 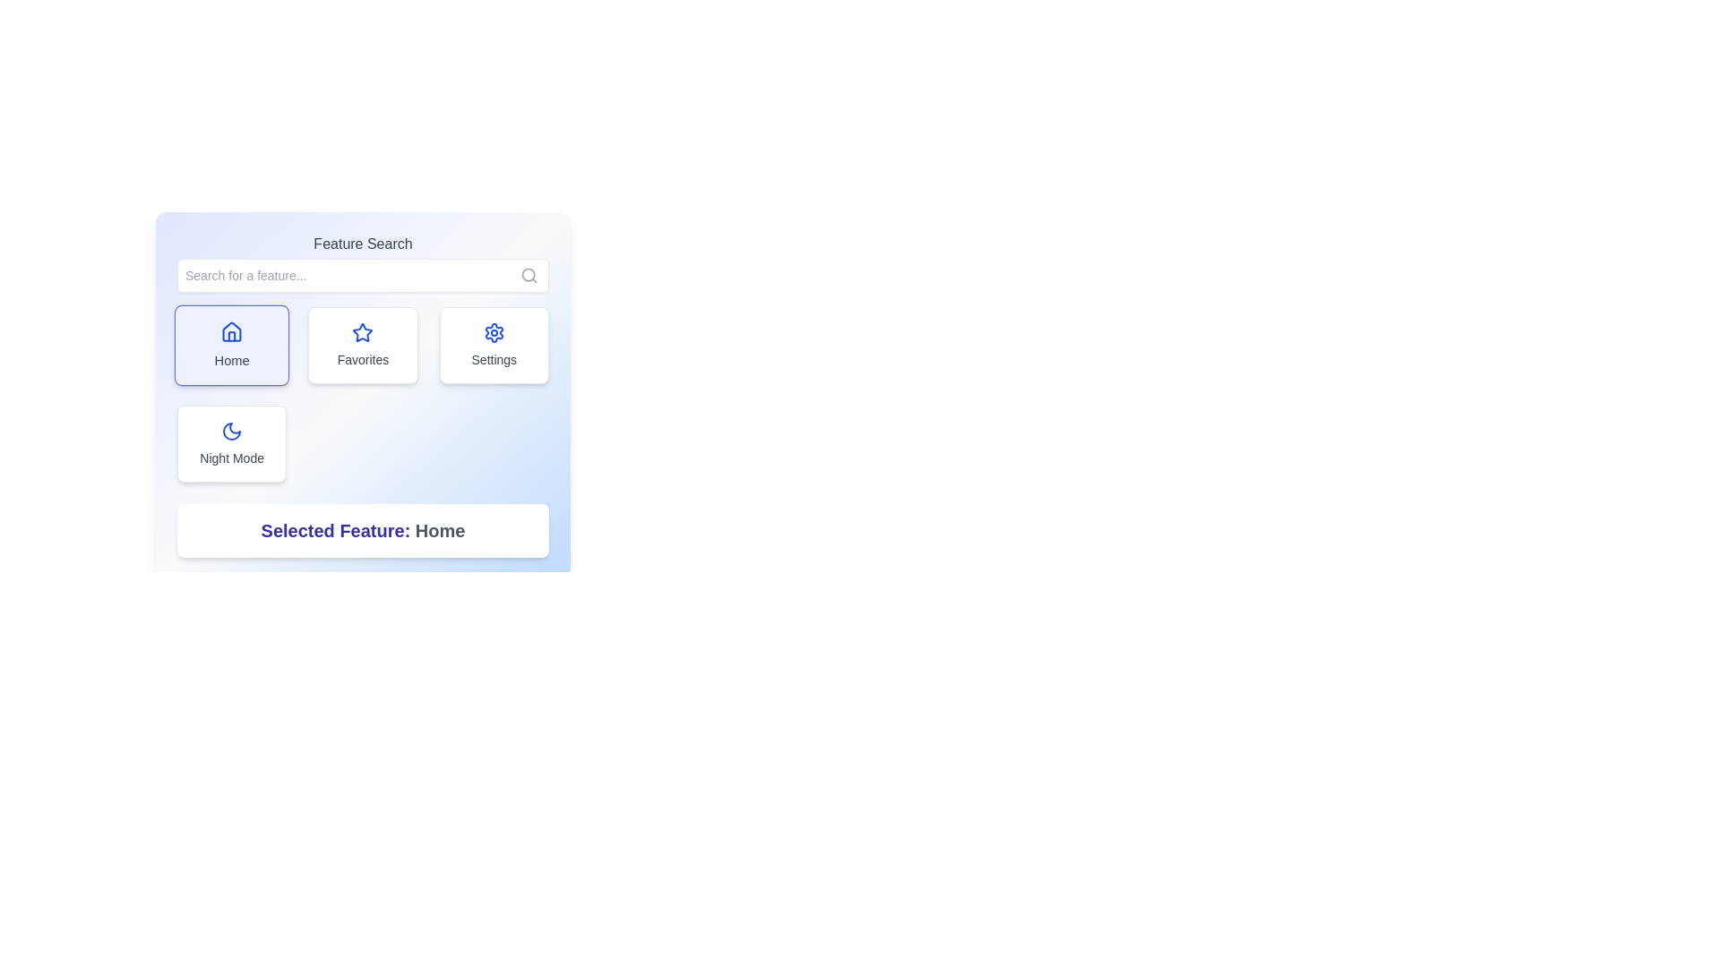 What do you see at coordinates (231, 331) in the screenshot?
I see `the 'Home' SVG icon located in the top-left corner of the icon grid, which serves as a visual indicator for the home feature of the application` at bounding box center [231, 331].